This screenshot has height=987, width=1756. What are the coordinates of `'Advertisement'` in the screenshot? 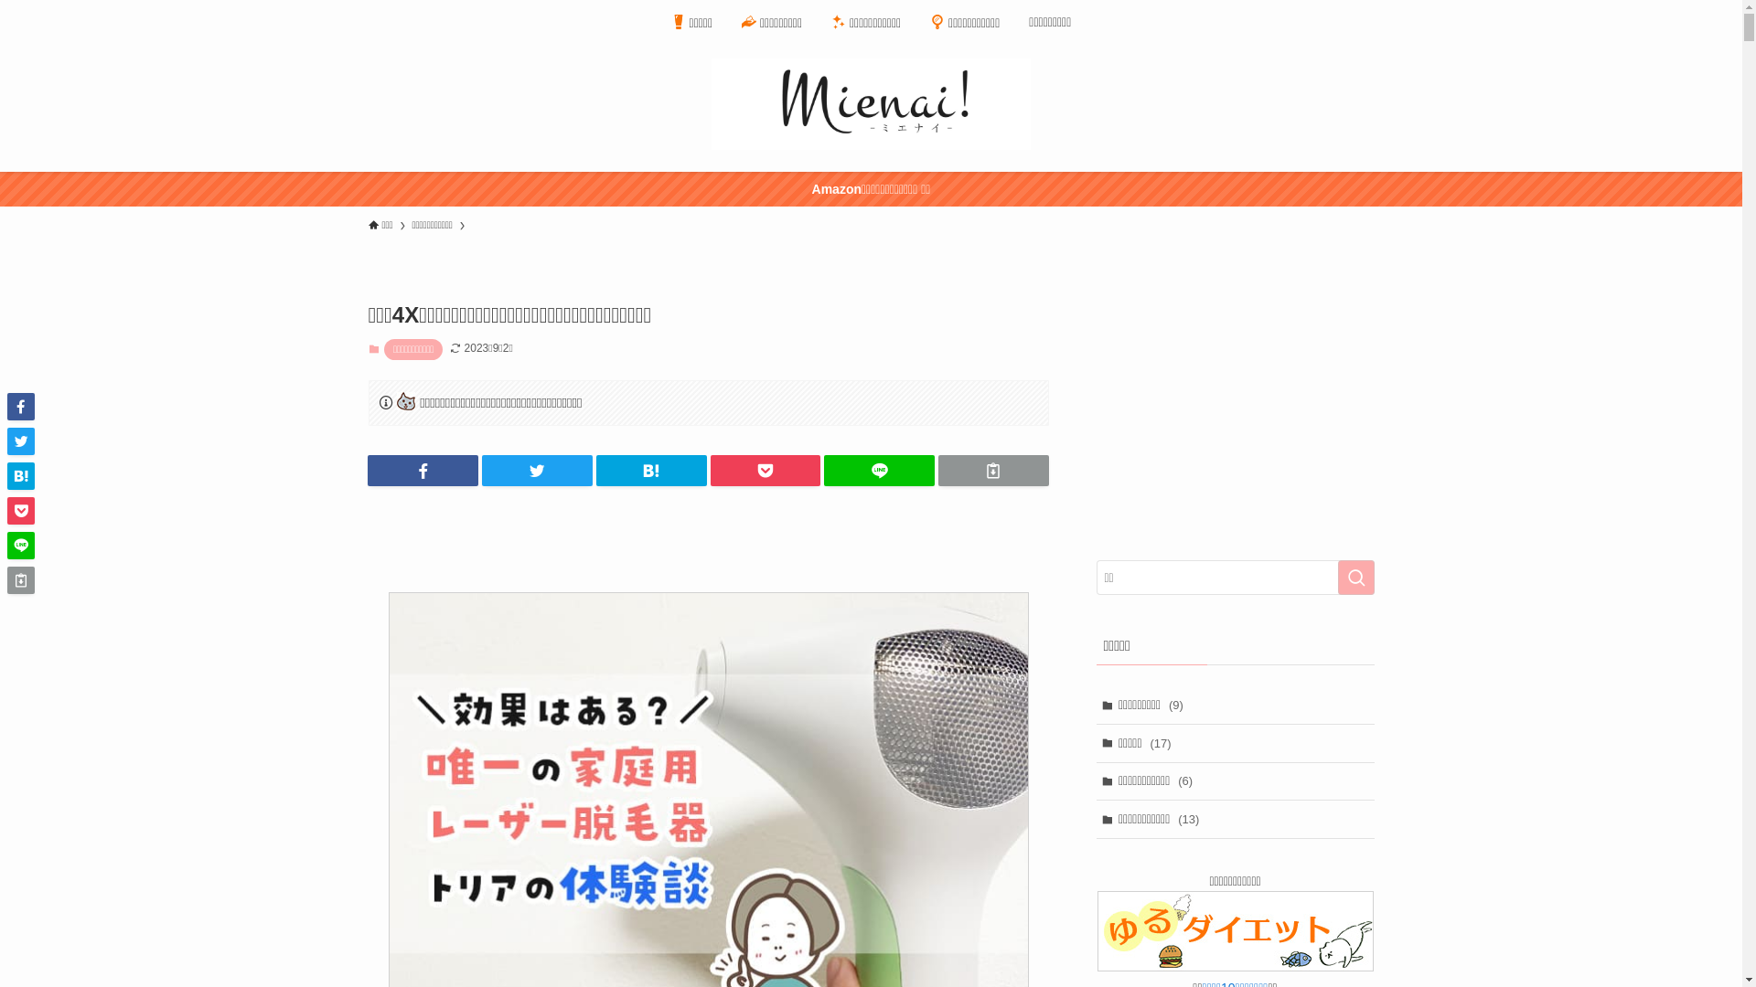 It's located at (1096, 413).